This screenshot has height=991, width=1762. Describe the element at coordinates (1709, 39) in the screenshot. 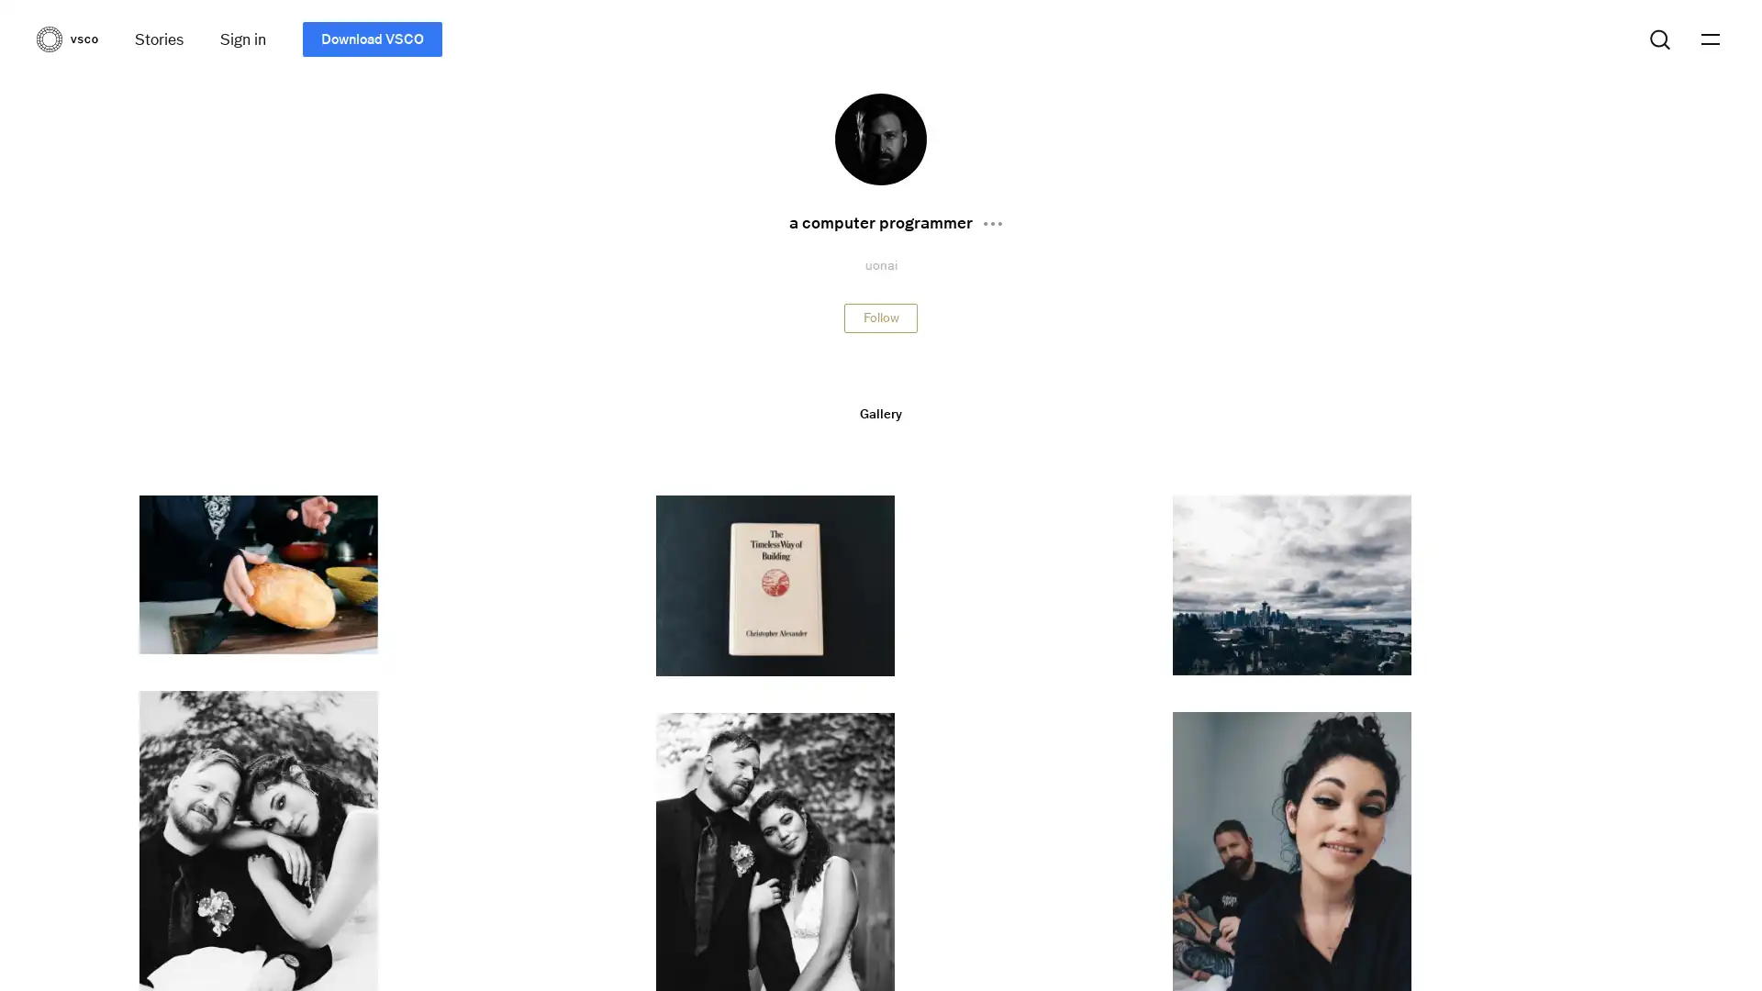

I see `menu` at that location.